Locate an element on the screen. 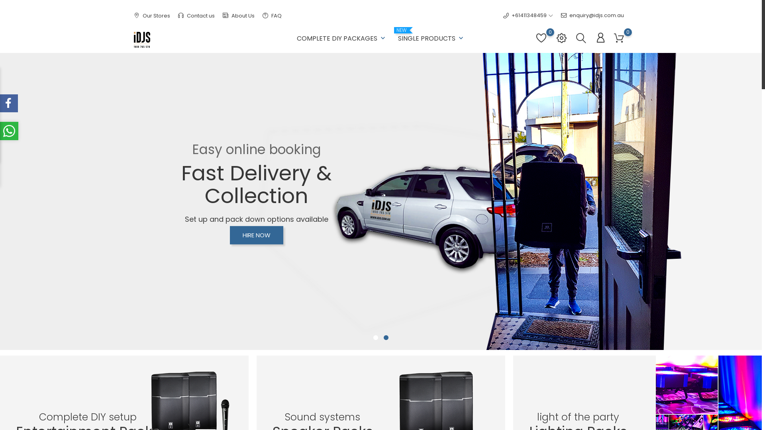  '2' is located at coordinates (382, 338).